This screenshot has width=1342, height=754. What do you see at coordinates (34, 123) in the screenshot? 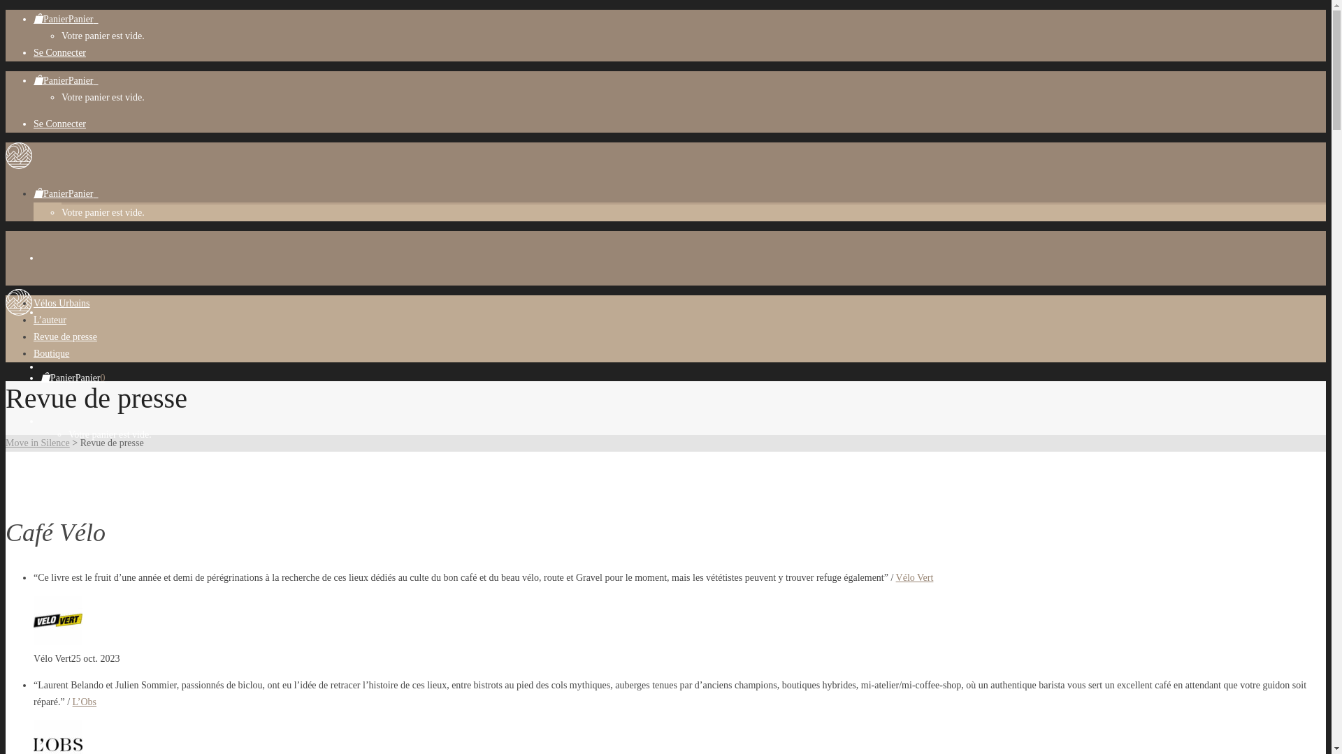
I see `'Se Connecter'` at bounding box center [34, 123].